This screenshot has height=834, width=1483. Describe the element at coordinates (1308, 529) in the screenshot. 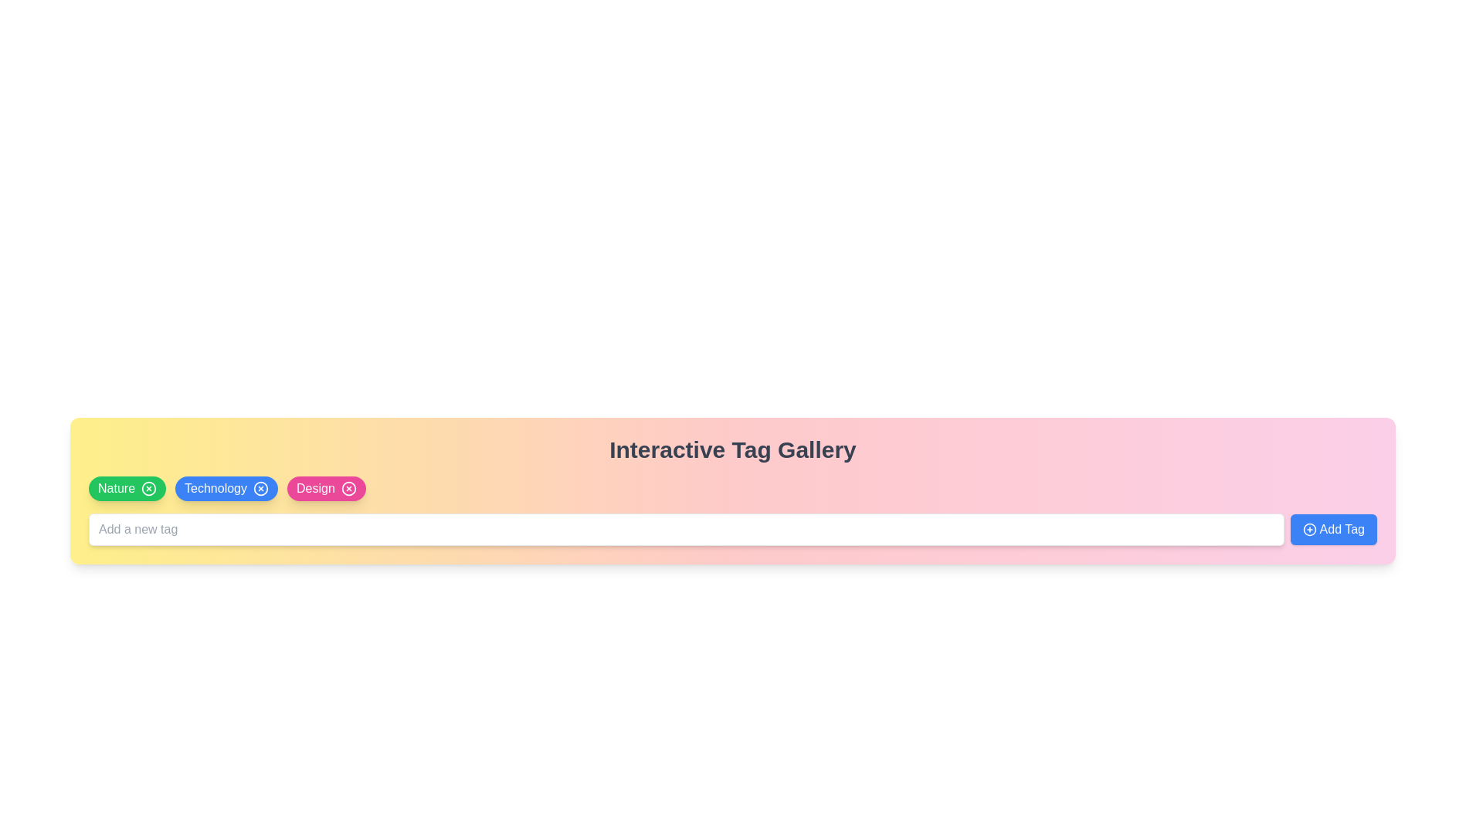

I see `the icon located at the far-right edge of the 'Add Tag' button` at that location.